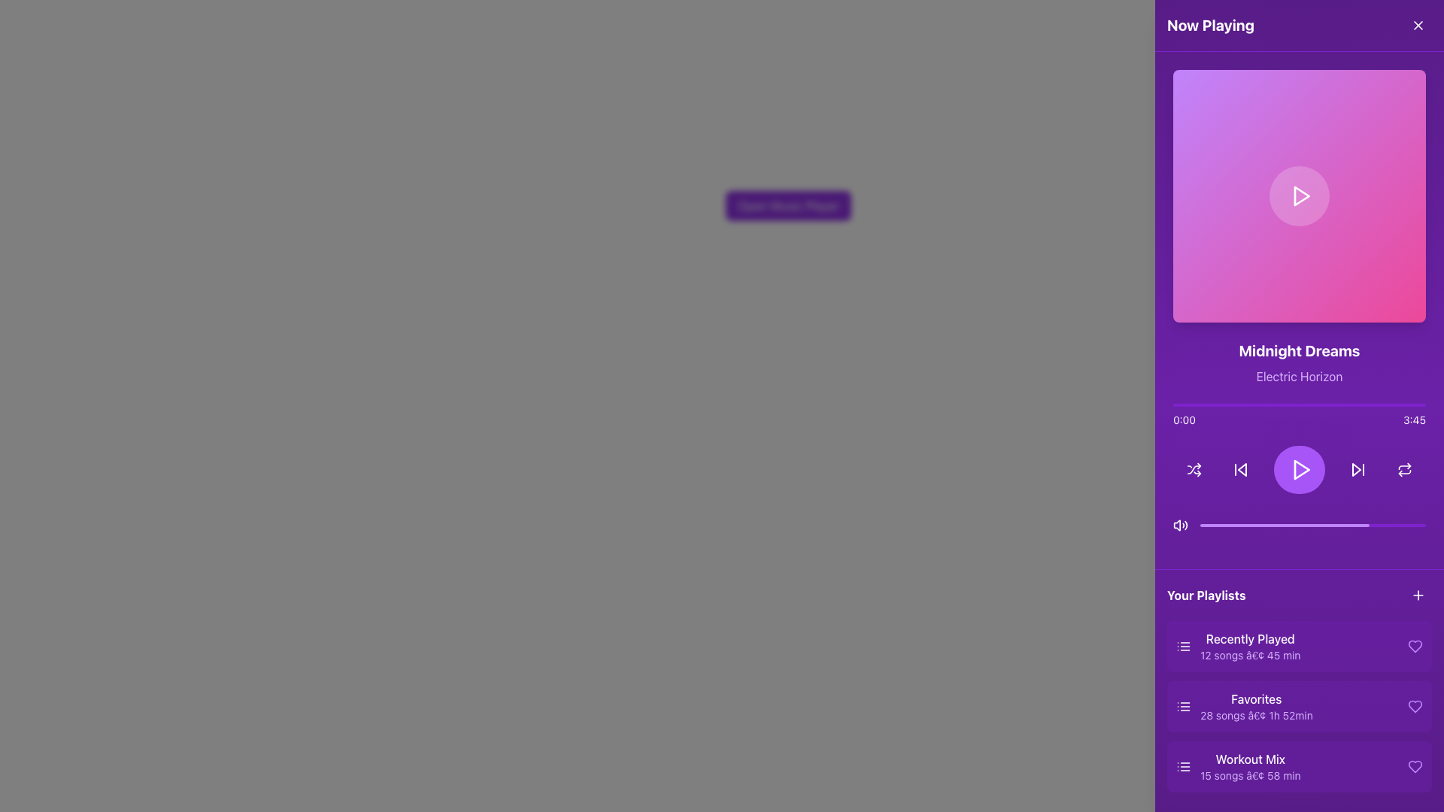 The width and height of the screenshot is (1444, 812). I want to click on the text label positioned beneath the 'Midnight Dreams' title, so click(1299, 376).